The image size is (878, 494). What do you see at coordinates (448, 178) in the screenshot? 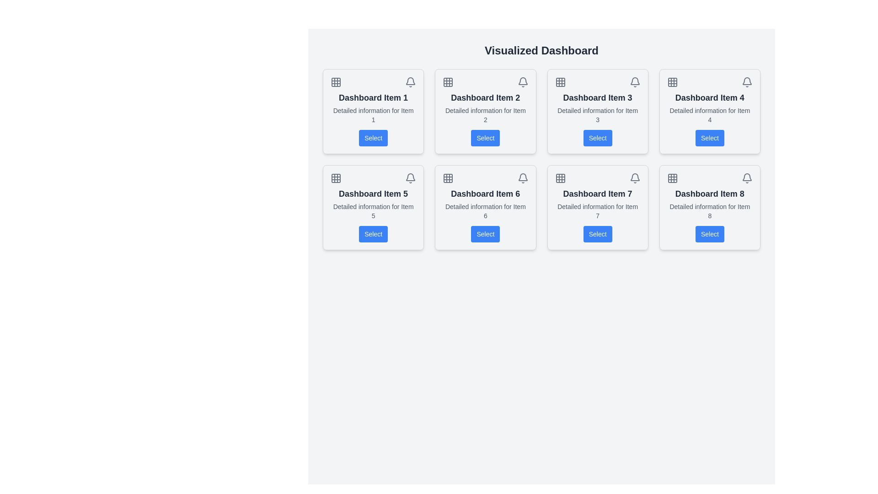
I see `the decorative visual element in the top-left corner of the grid icon representing 'Dashboard Item 6', which is the first square in the 3x3 grid layout` at bounding box center [448, 178].